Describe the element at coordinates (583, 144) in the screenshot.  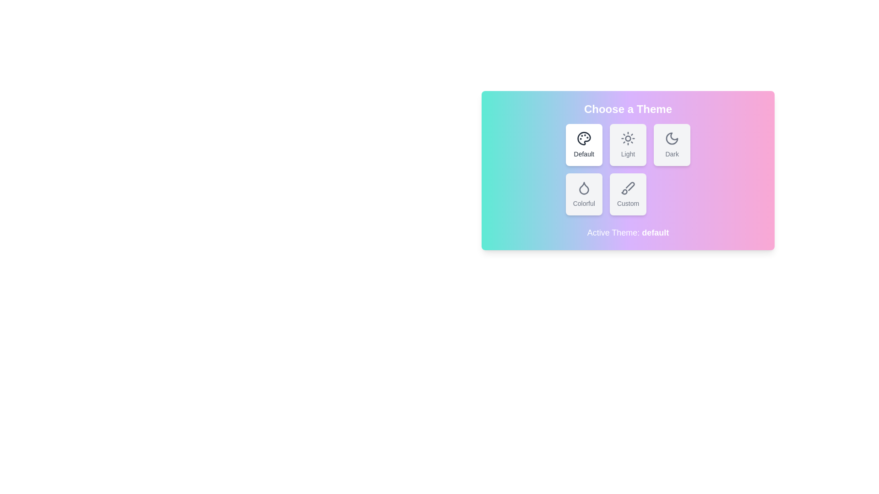
I see `the theme default by clicking the corresponding button` at that location.